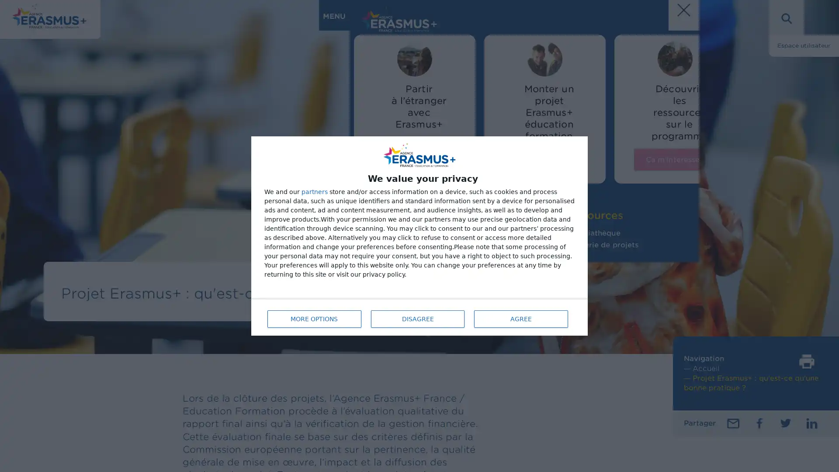 This screenshot has width=839, height=472. Describe the element at coordinates (415, 317) in the screenshot. I see `DISAGREE` at that location.